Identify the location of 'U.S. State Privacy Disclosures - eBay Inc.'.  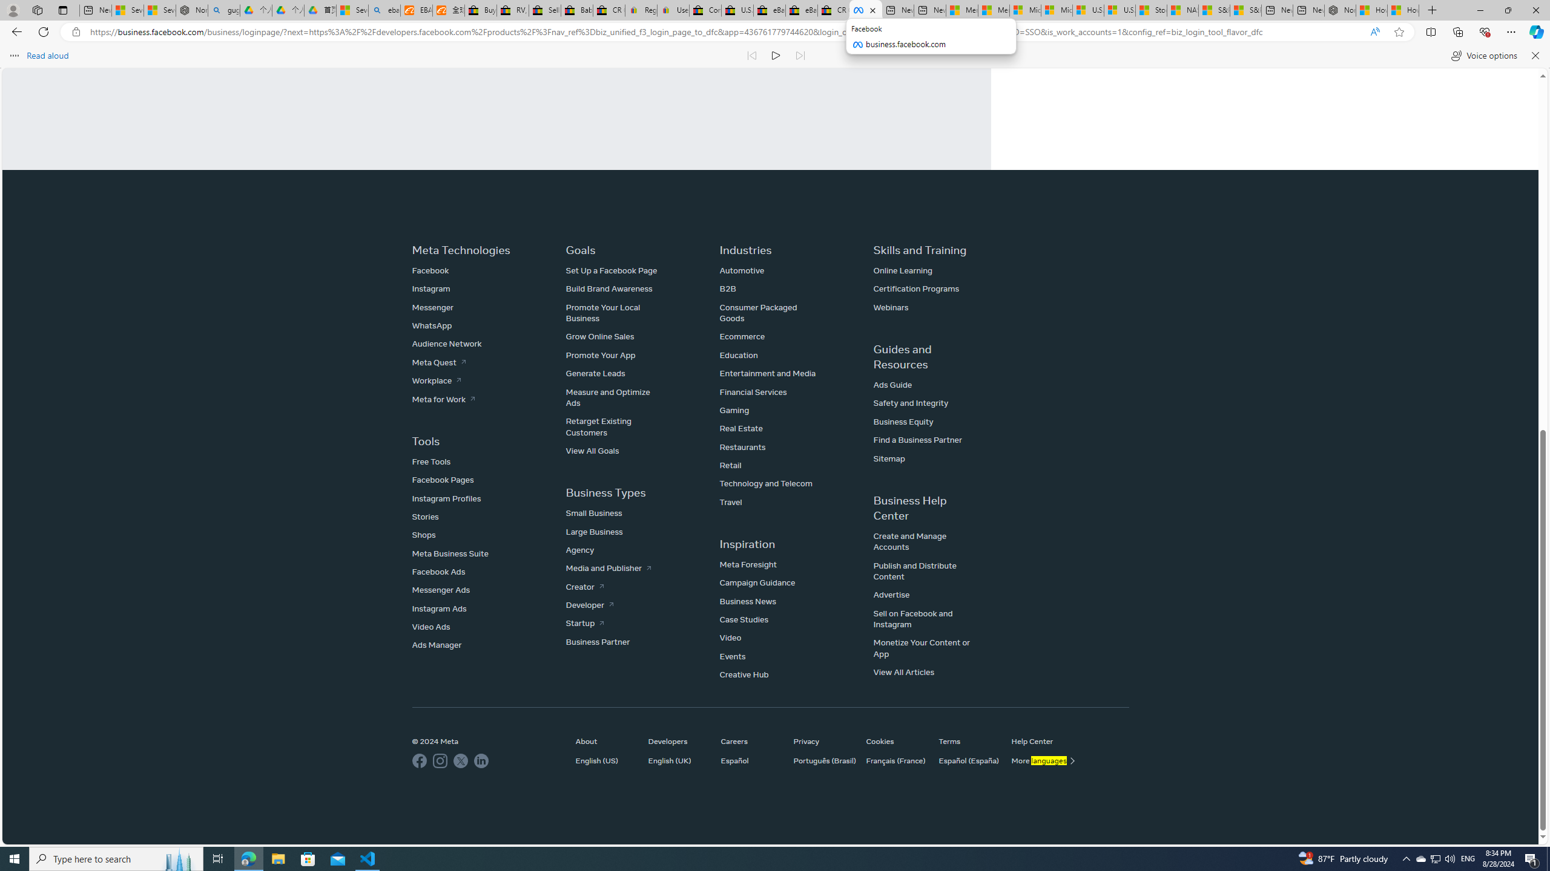
(736, 10).